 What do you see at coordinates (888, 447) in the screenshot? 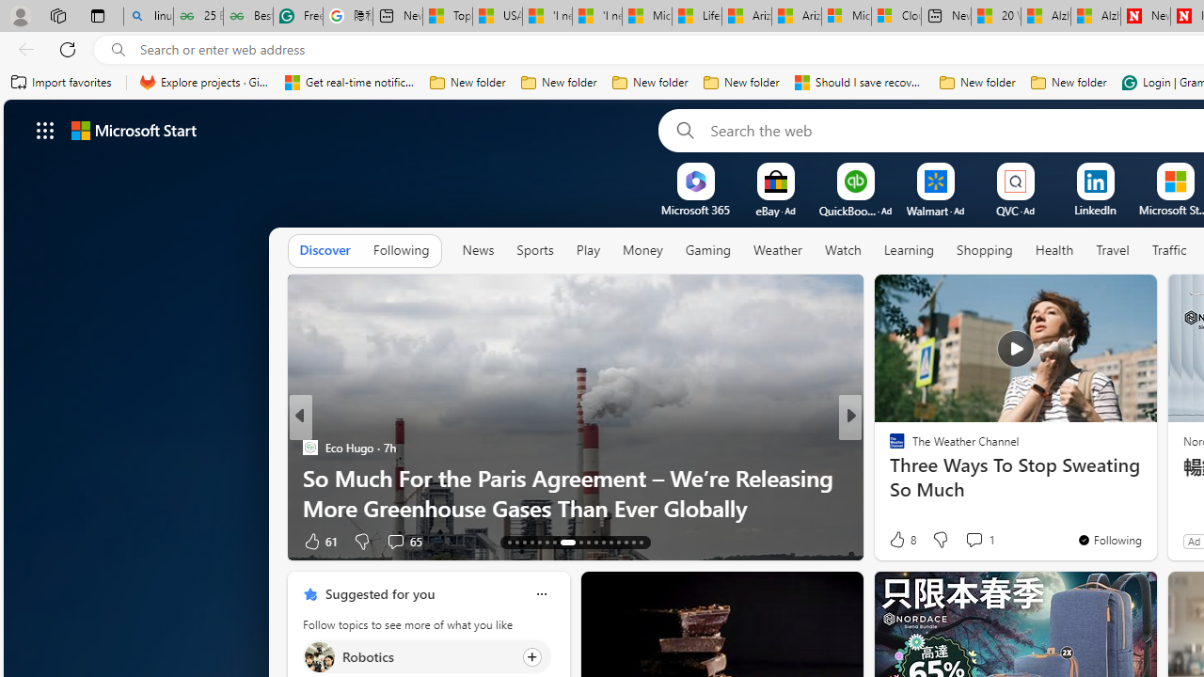
I see `'Wealth of Geeks'` at bounding box center [888, 447].